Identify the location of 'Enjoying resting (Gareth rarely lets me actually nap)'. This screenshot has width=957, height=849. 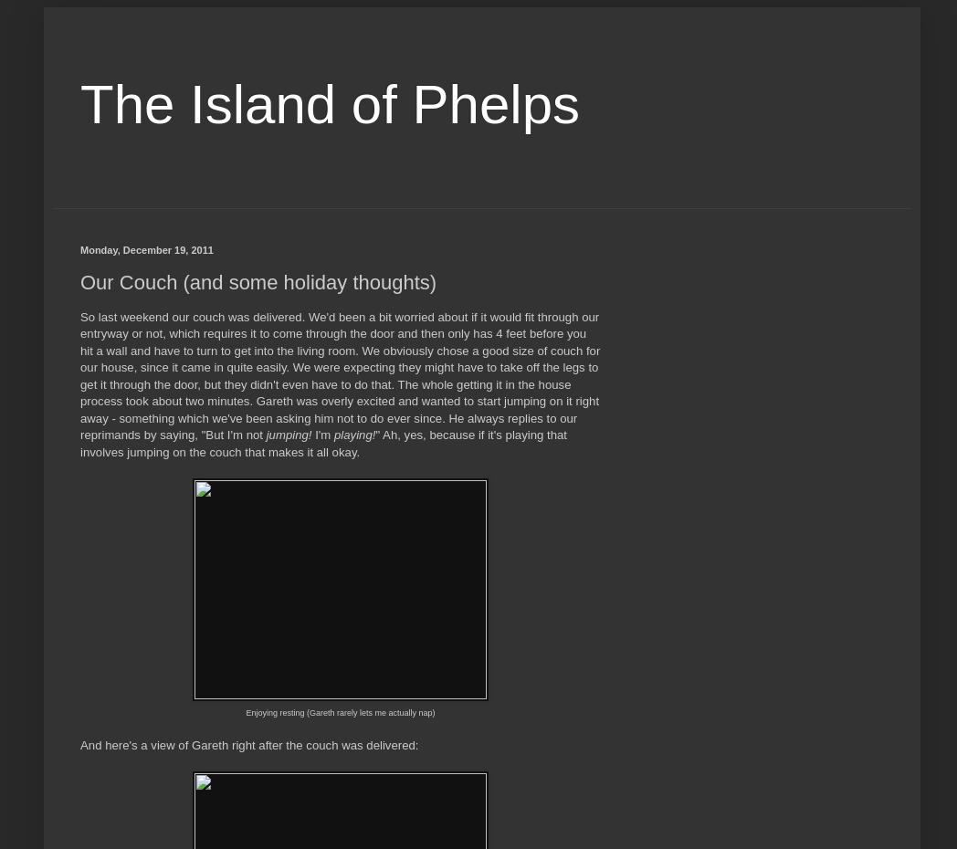
(339, 712).